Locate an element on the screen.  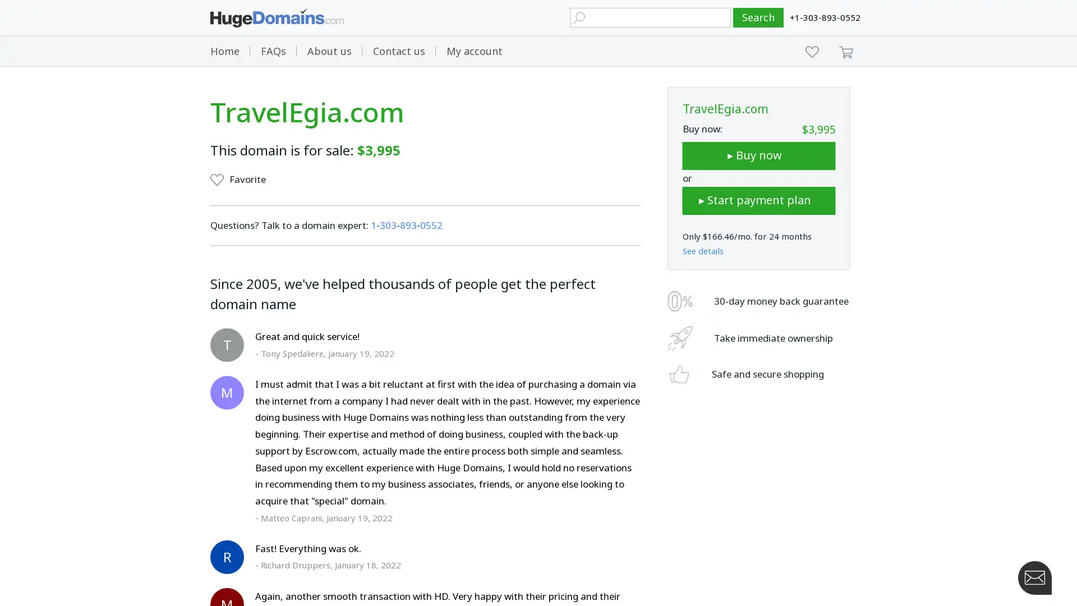
Search is located at coordinates (758, 17).